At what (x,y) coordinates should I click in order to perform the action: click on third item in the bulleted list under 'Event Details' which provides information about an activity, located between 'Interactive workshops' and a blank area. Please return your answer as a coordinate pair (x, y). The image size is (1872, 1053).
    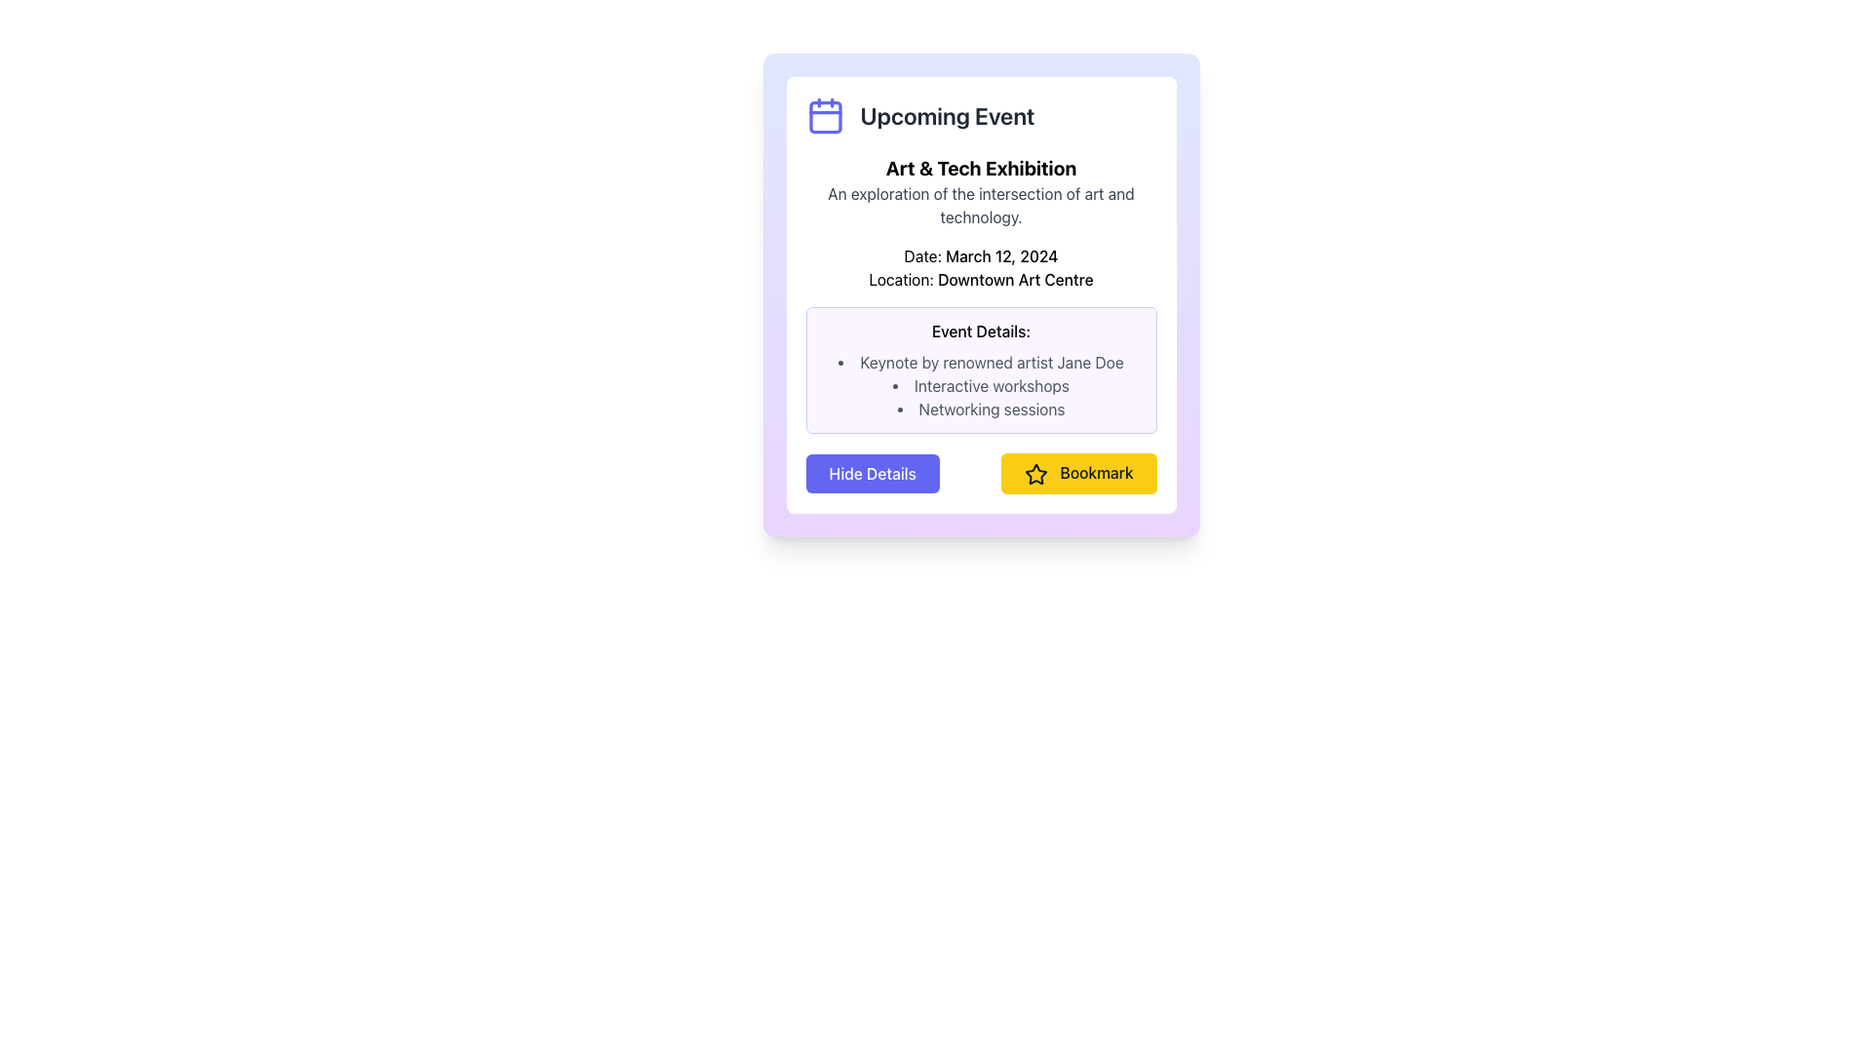
    Looking at the image, I should click on (981, 409).